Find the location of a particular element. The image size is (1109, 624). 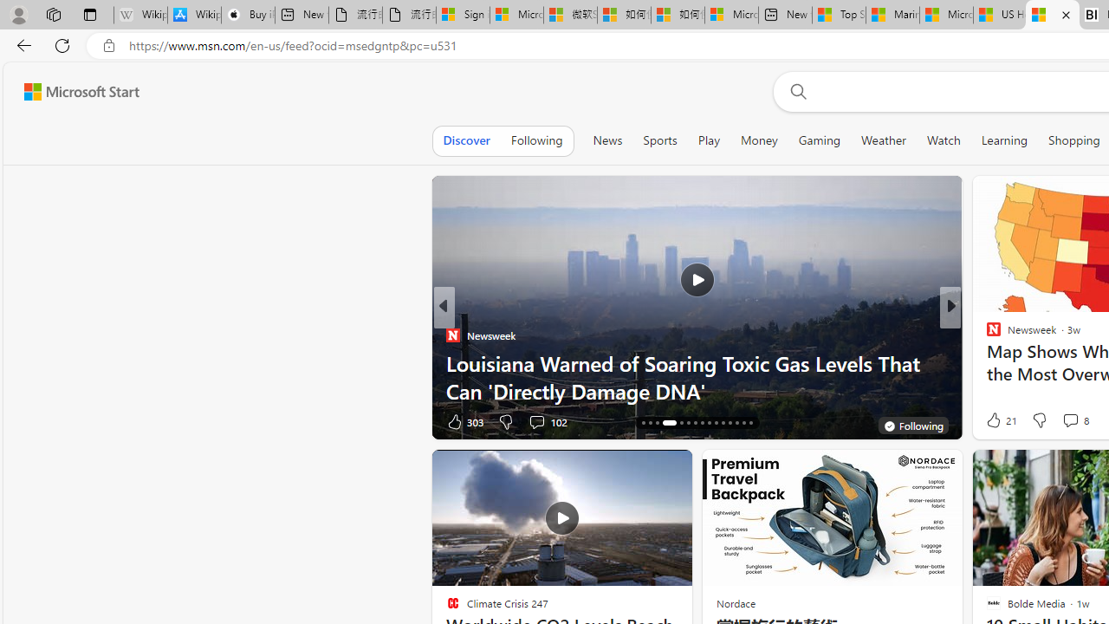

'257 Like' is located at coordinates (998, 421).